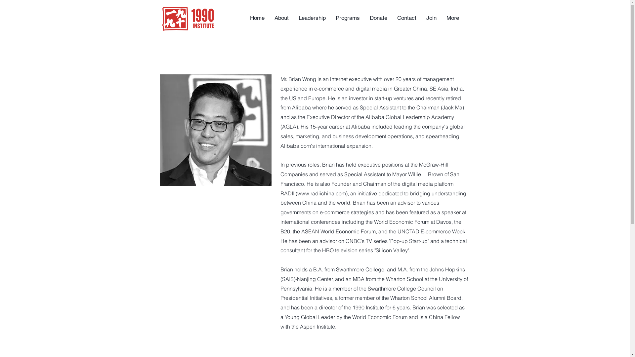 This screenshot has width=635, height=357. What do you see at coordinates (296, 193) in the screenshot?
I see `'www.radiichina.com'` at bounding box center [296, 193].